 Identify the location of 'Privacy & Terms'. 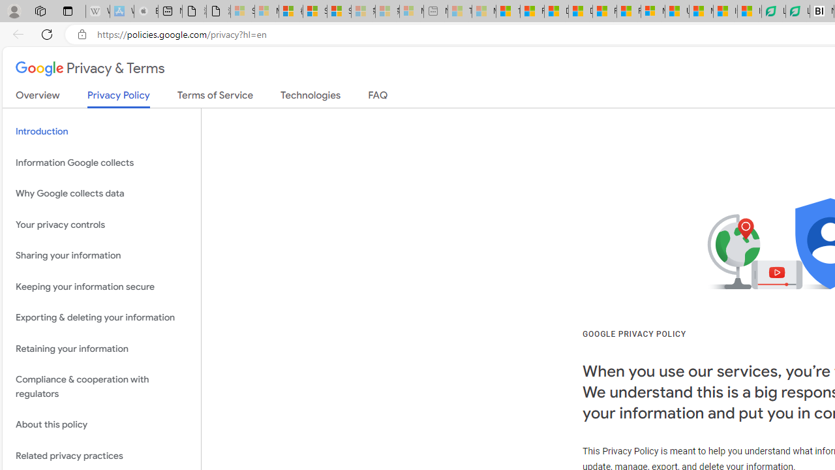
(89, 69).